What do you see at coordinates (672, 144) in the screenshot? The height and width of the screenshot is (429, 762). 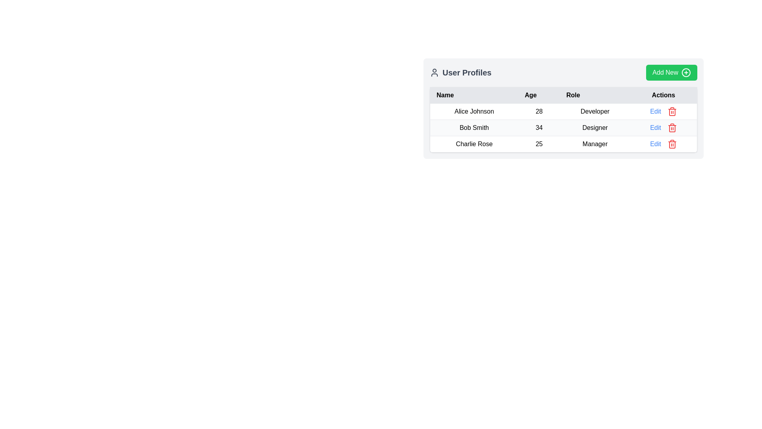 I see `the delete button located as the second interactive action icon in the 'Actions' column for the last user row ('Charlie Rose')` at bounding box center [672, 144].